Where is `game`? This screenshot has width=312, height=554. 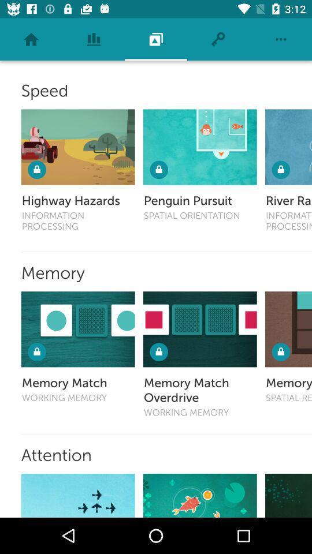
game is located at coordinates (199, 495).